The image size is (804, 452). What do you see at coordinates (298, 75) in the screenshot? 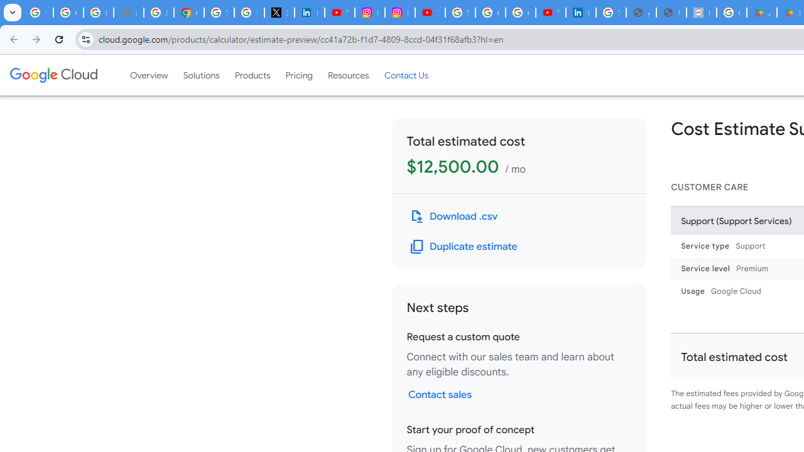
I see `'Pricing'` at bounding box center [298, 75].